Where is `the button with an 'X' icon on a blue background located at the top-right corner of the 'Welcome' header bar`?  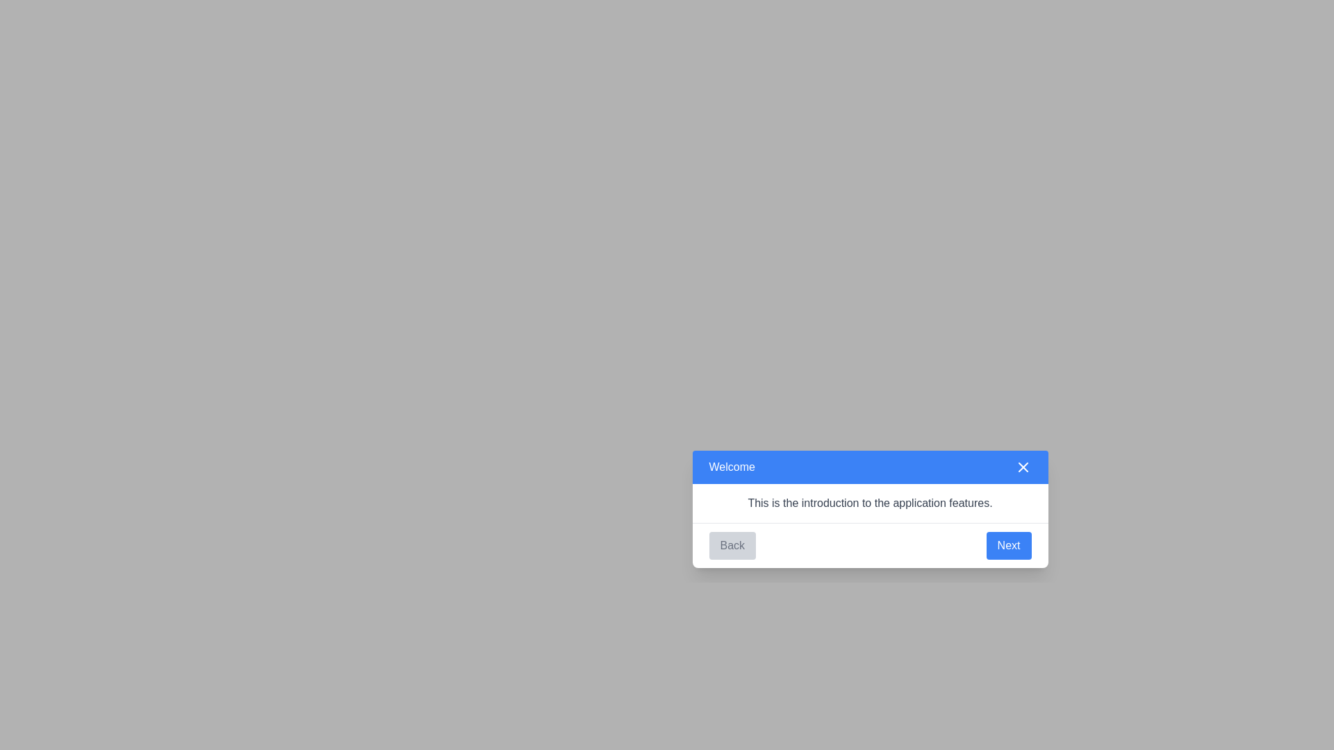 the button with an 'X' icon on a blue background located at the top-right corner of the 'Welcome' header bar is located at coordinates (1023, 467).